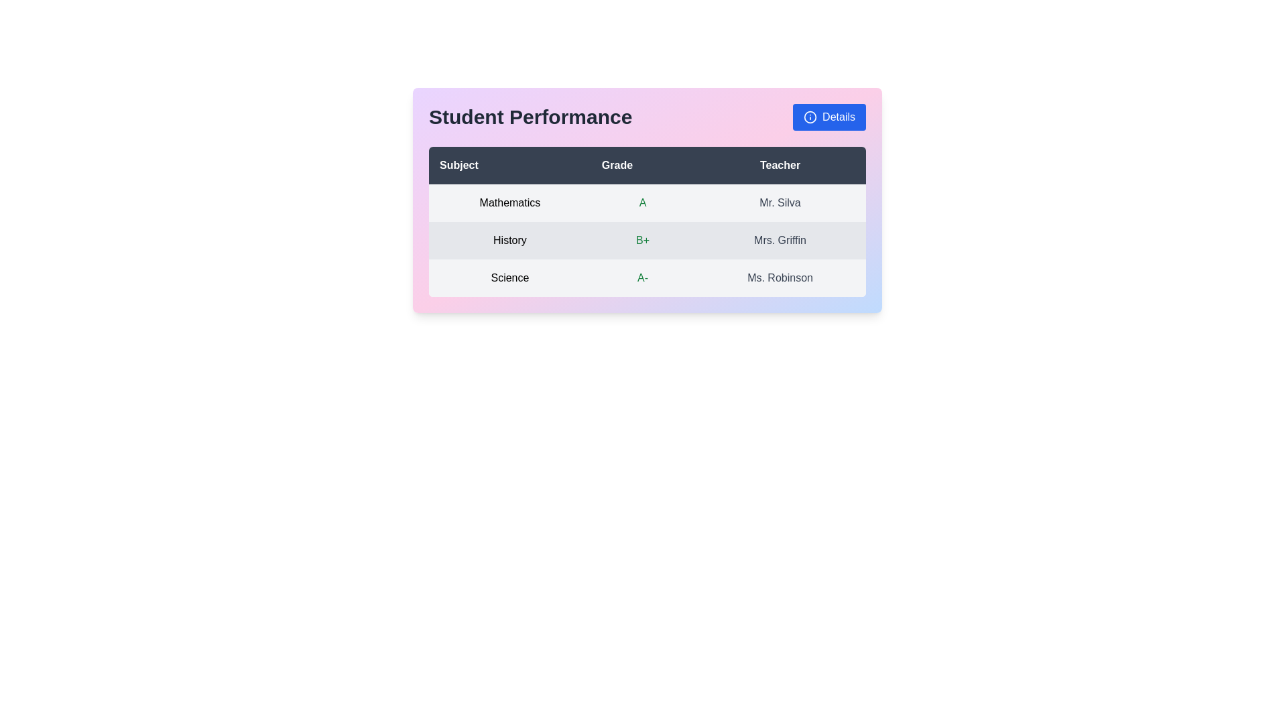  What do you see at coordinates (829, 116) in the screenshot?
I see `the 'Details' button with a blue background and white text, which features a circular 'i' icon, located in the upper-right corner of the 'Student Performance' box to change its color` at bounding box center [829, 116].